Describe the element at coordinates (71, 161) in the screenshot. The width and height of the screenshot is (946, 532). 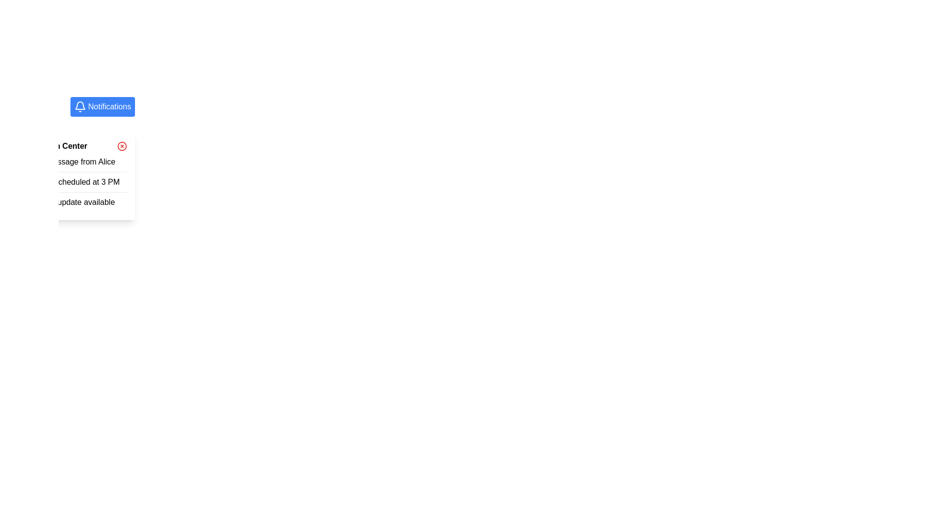
I see `the first notification message from Alice in the dropdown panel under the blue 'Notifications' icon to read its content` at that location.